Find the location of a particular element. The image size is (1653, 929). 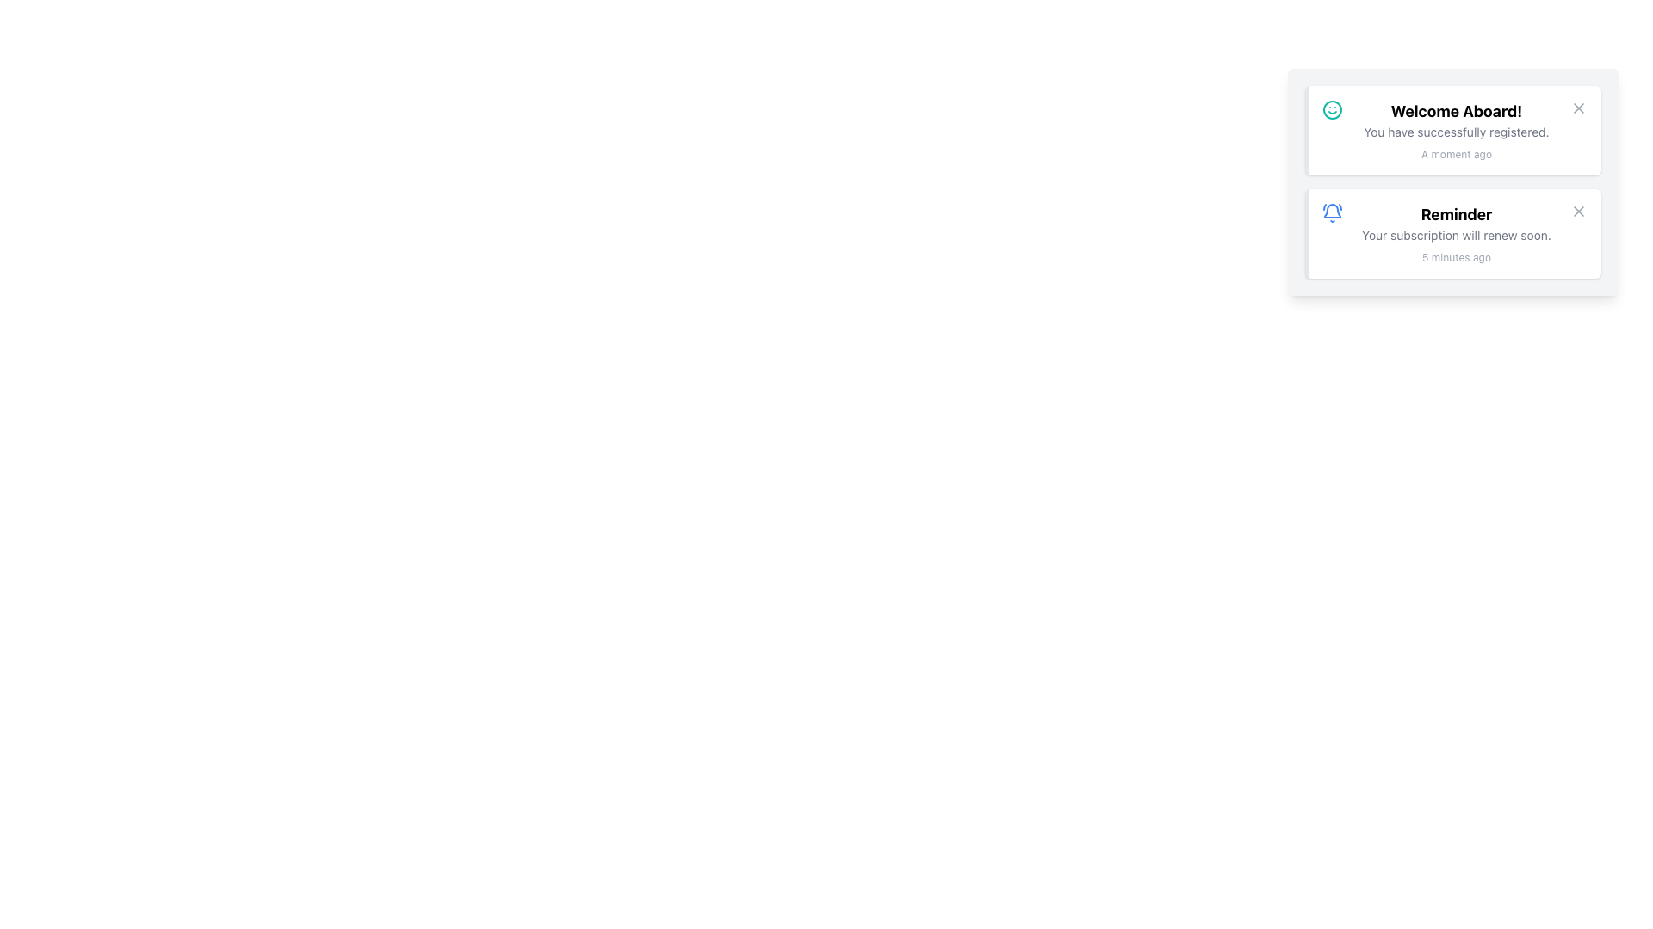

bold, large-sized static text saying 'Welcome Aboard!' located at the top of the notification card is located at coordinates (1455, 112).